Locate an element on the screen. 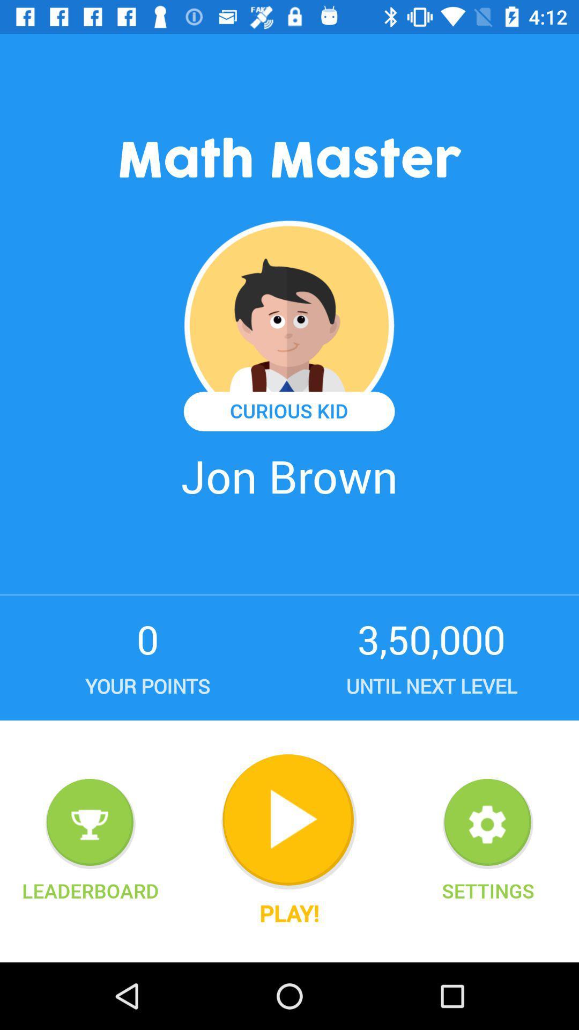 Image resolution: width=579 pixels, height=1030 pixels. item next to settings is located at coordinates (288, 821).